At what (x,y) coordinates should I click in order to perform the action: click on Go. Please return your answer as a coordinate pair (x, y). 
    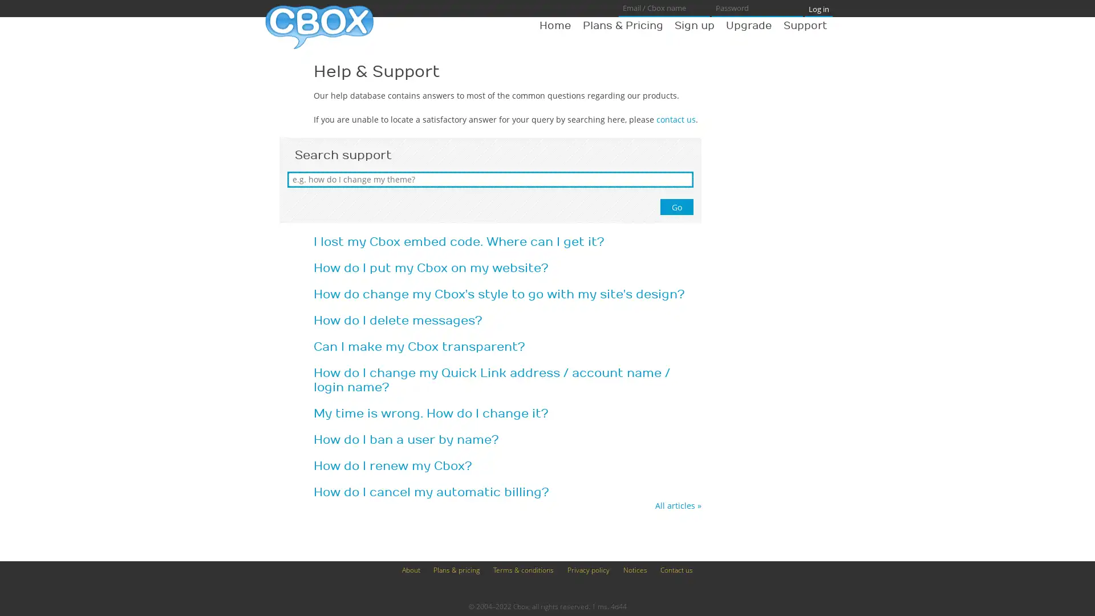
    Looking at the image, I should click on (676, 206).